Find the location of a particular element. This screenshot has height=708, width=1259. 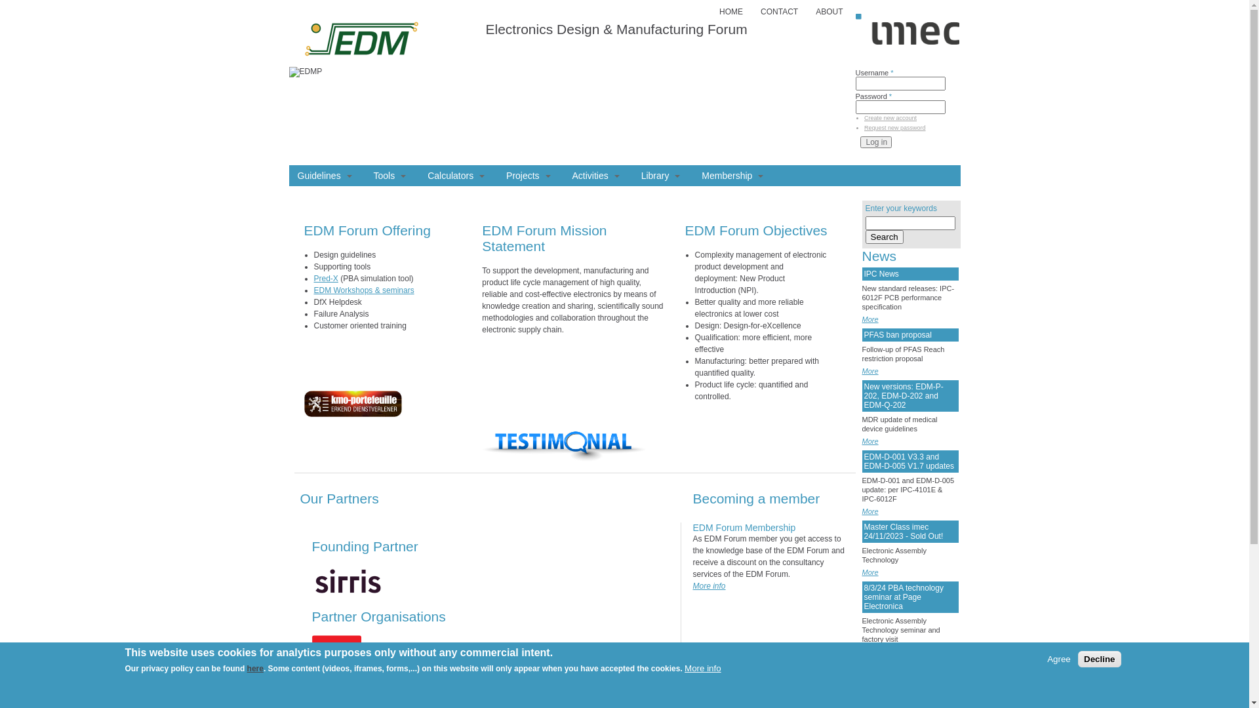

'here' is located at coordinates (255, 668).